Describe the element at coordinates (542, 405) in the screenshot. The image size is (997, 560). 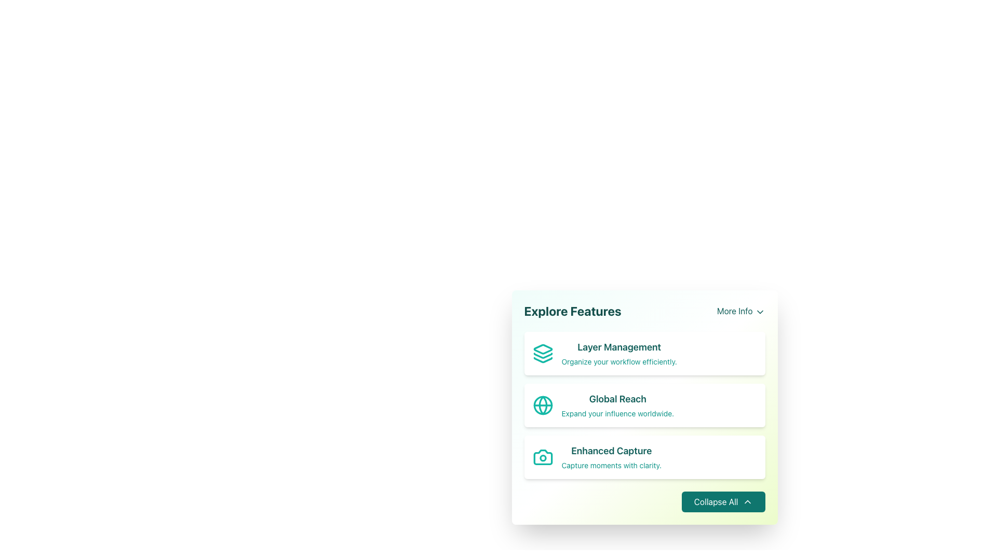
I see `the globe icon, which is a circular SVG graphic with teal-colored stroke lines, located to the left of the text 'Global Reach' within the card labeled 'Global Reach'` at that location.